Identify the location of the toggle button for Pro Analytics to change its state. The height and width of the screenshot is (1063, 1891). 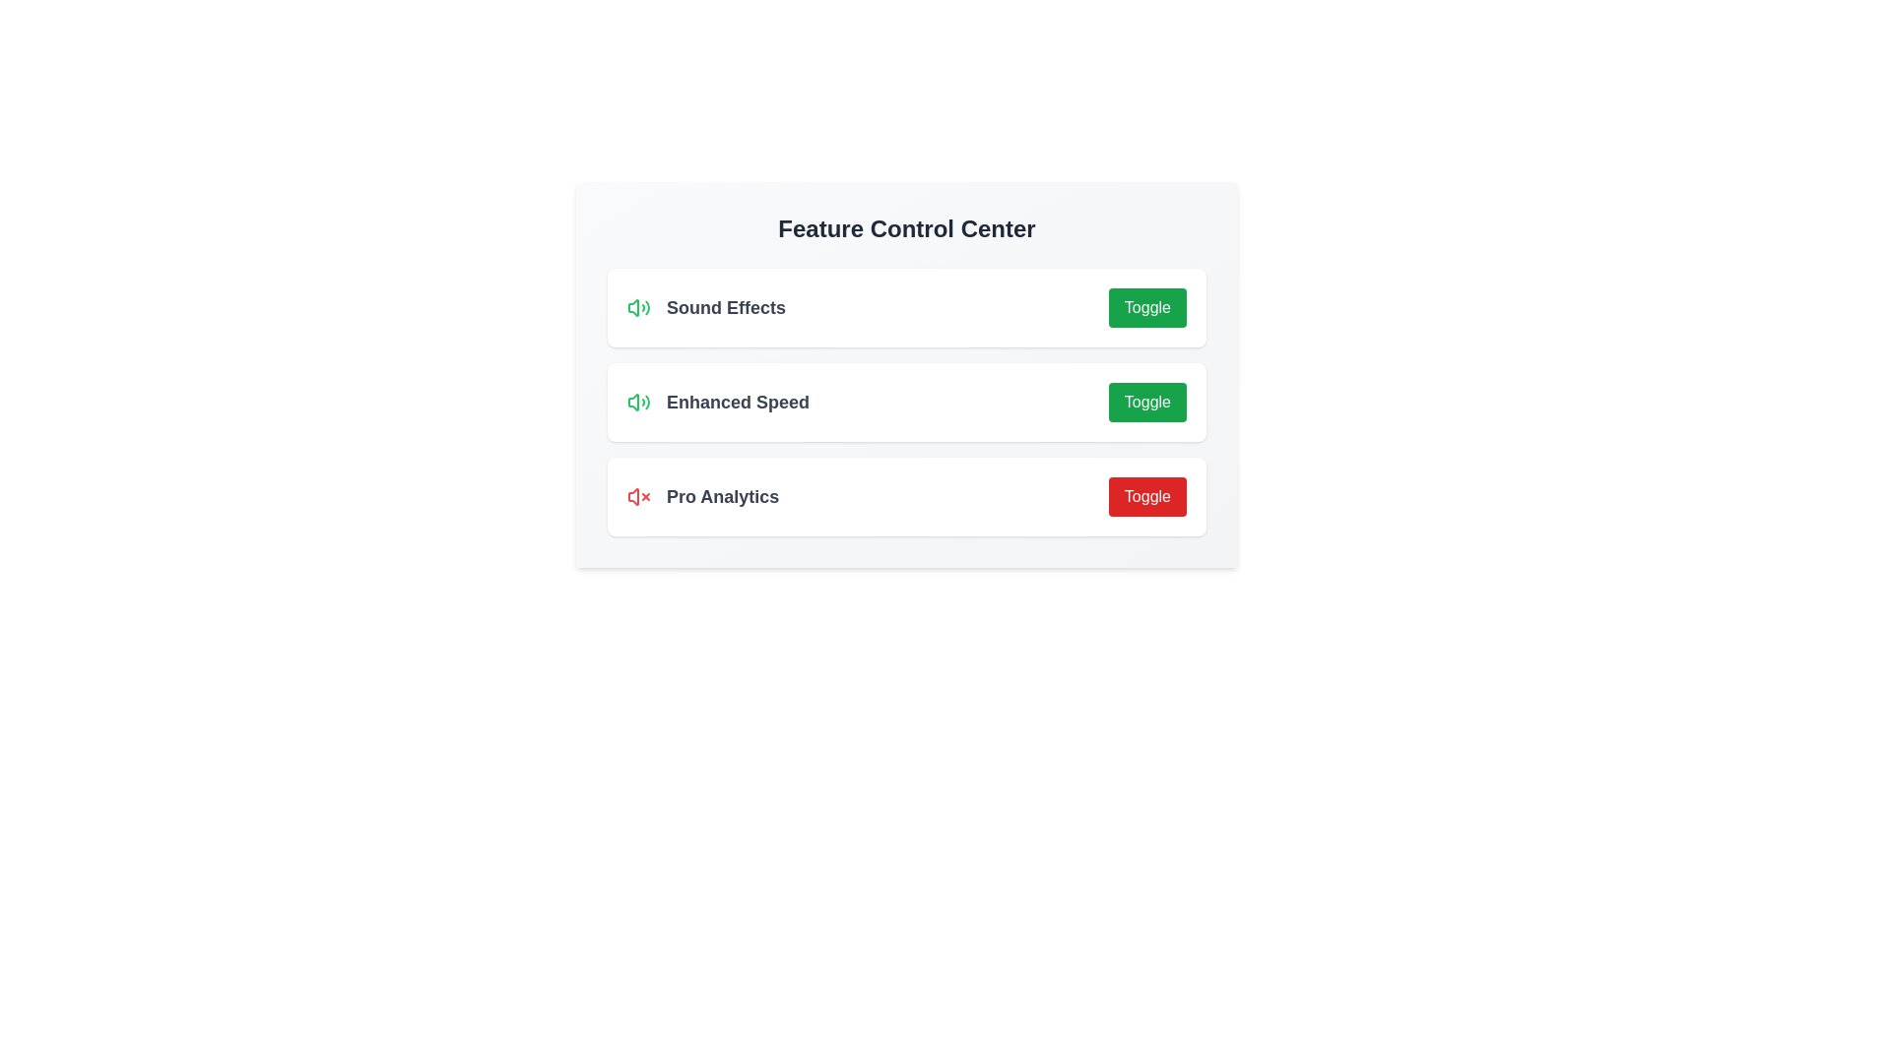
(1147, 496).